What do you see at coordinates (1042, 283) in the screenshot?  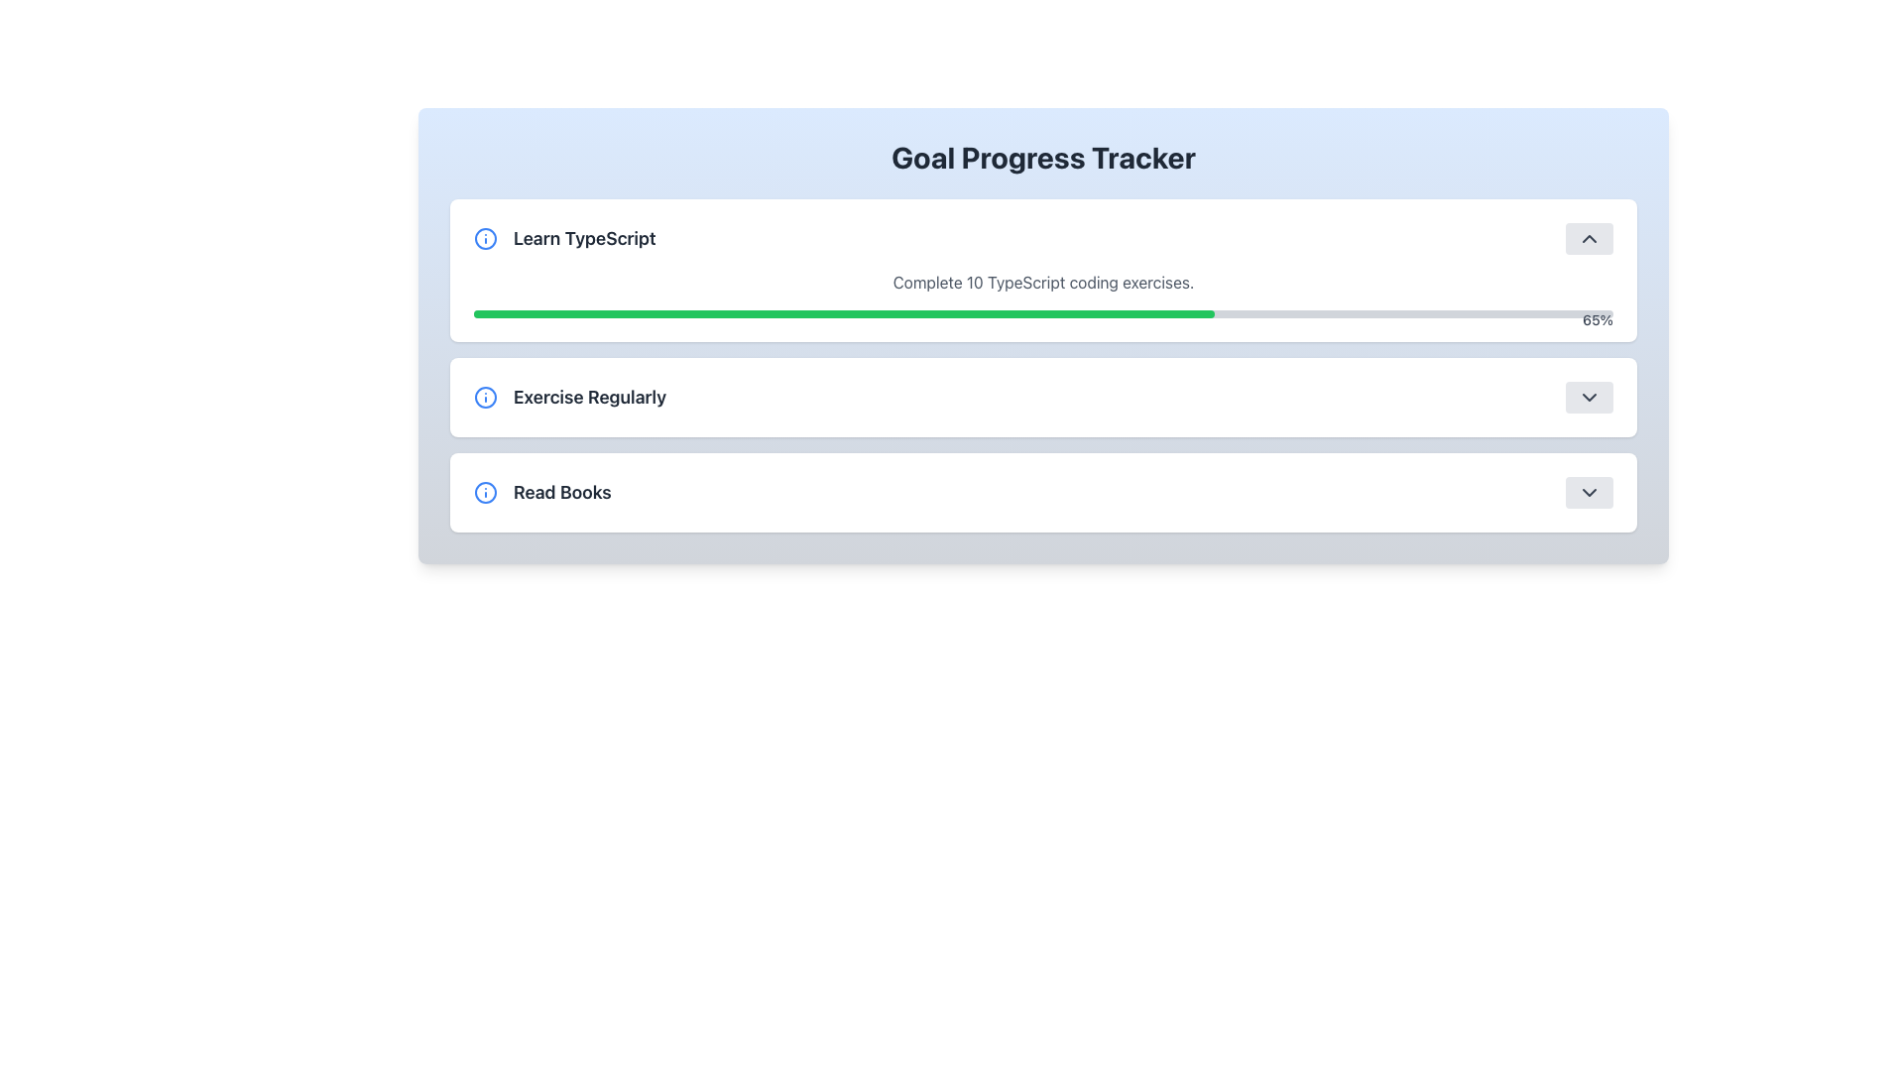 I see `the static text element reading 'Complete 10 TypeScript coding exercises.' located in the 'Learn TypeScript' section of the progress tracker interface` at bounding box center [1042, 283].